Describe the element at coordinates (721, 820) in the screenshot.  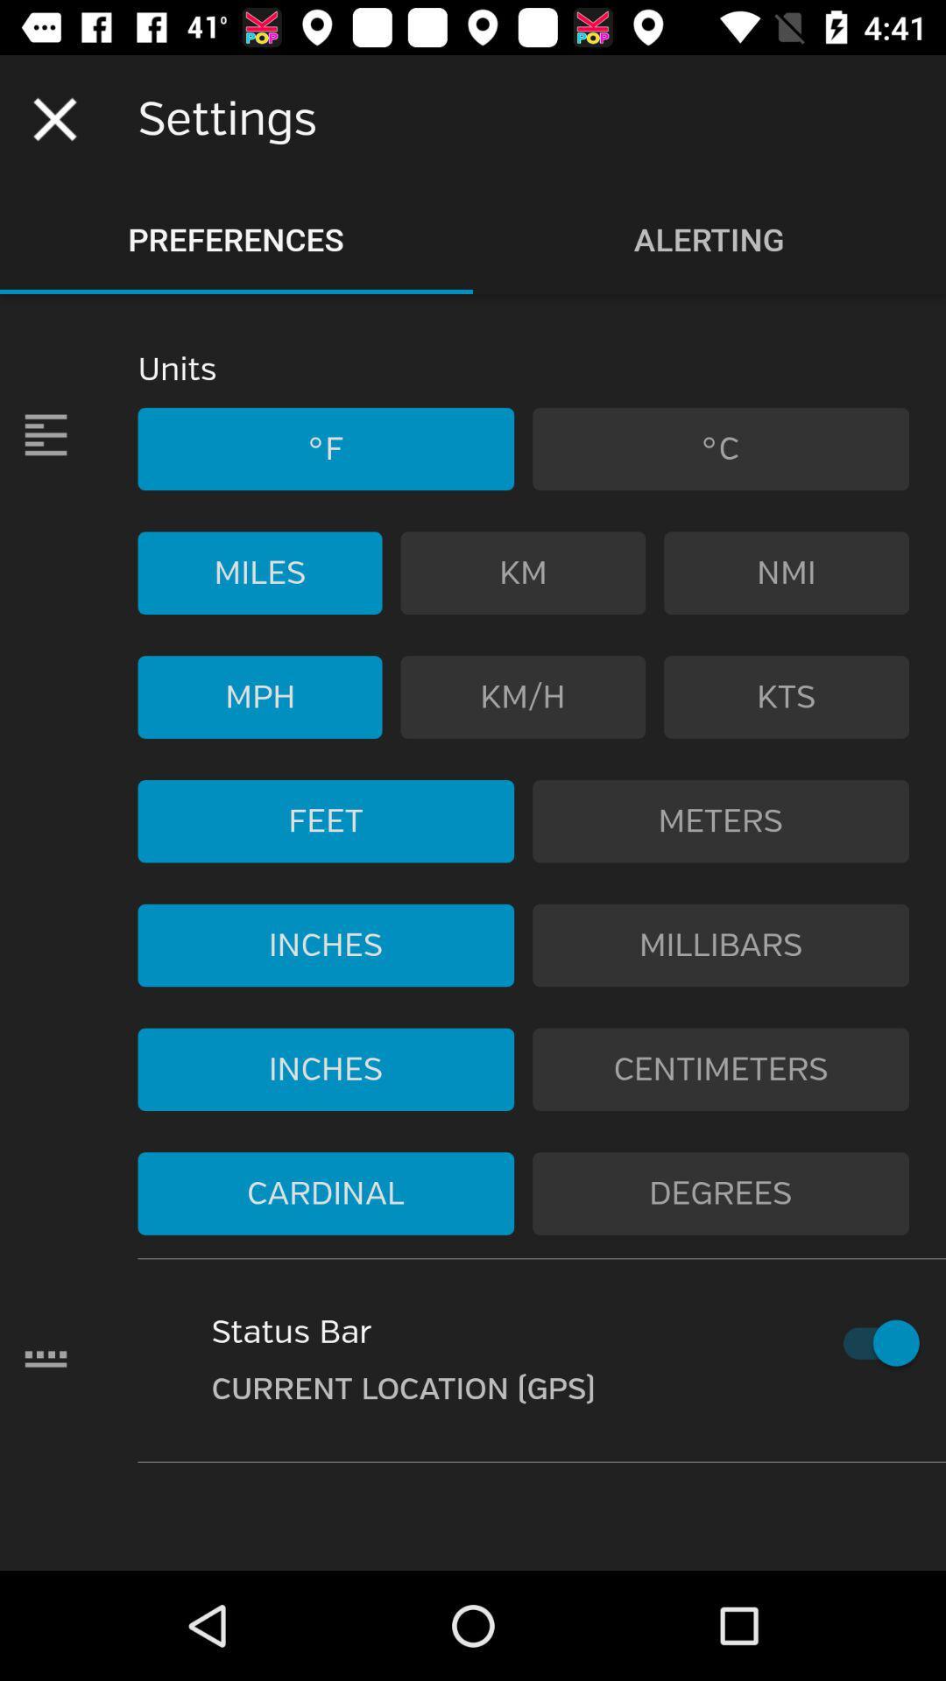
I see `item next to the feet` at that location.